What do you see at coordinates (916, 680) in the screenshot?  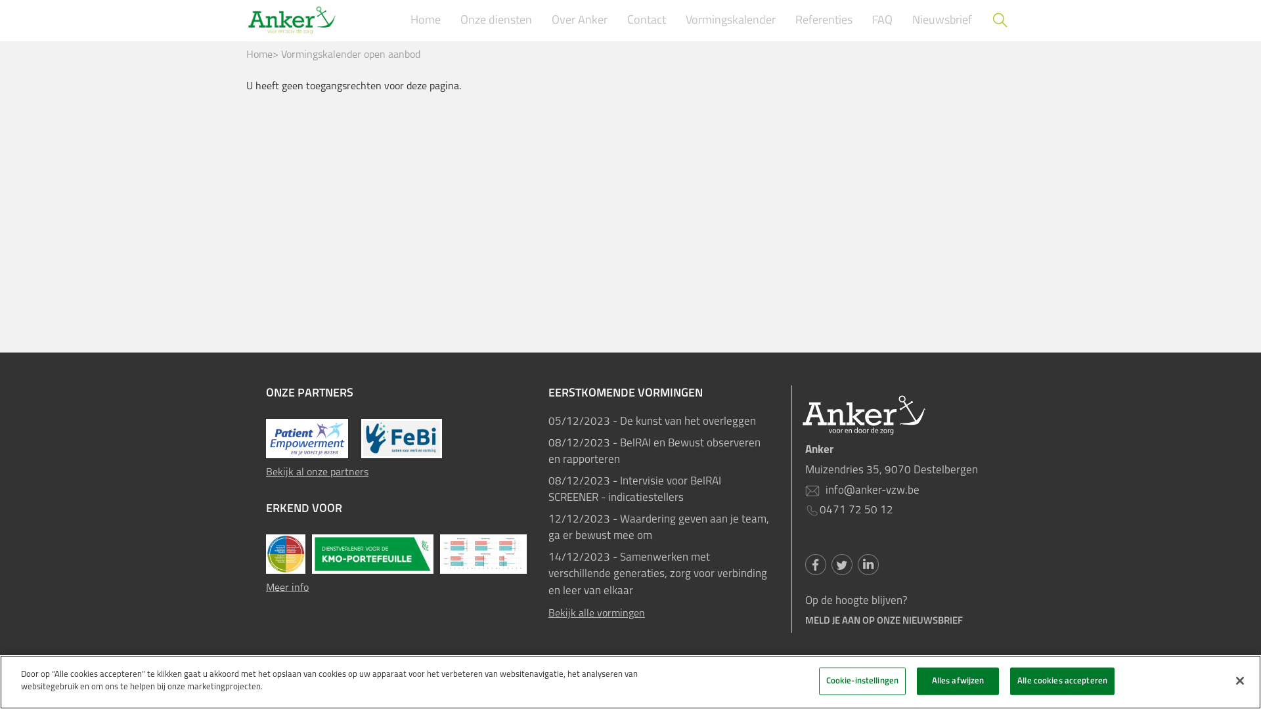 I see `'Alles afwijzen'` at bounding box center [916, 680].